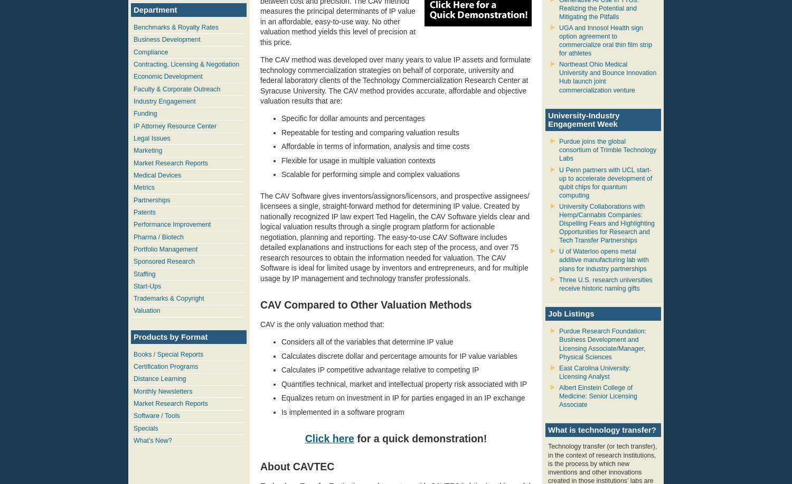  What do you see at coordinates (399, 355) in the screenshot?
I see `'Calculates discrete dollar and percentage amounts for IP value variables'` at bounding box center [399, 355].